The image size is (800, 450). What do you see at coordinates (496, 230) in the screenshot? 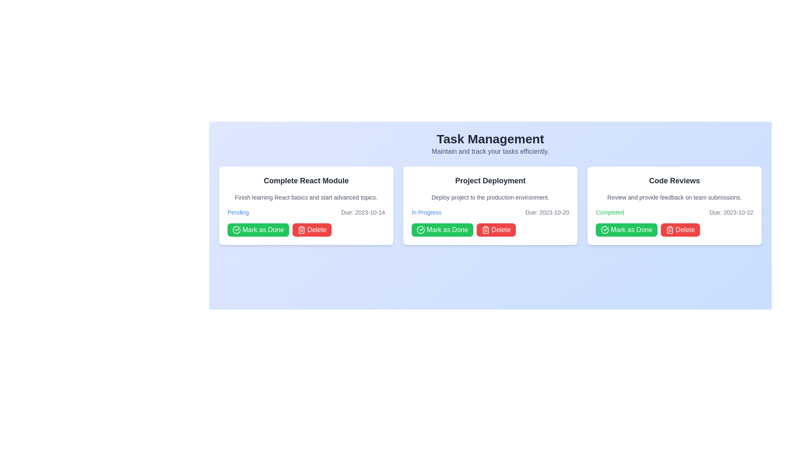
I see `the delete button located to the right of the 'Mark as Done' button in the task card titled 'Project Deployment'` at bounding box center [496, 230].